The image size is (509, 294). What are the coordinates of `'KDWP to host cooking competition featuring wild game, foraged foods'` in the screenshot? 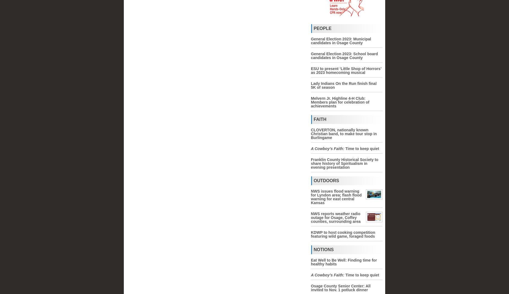 It's located at (343, 234).